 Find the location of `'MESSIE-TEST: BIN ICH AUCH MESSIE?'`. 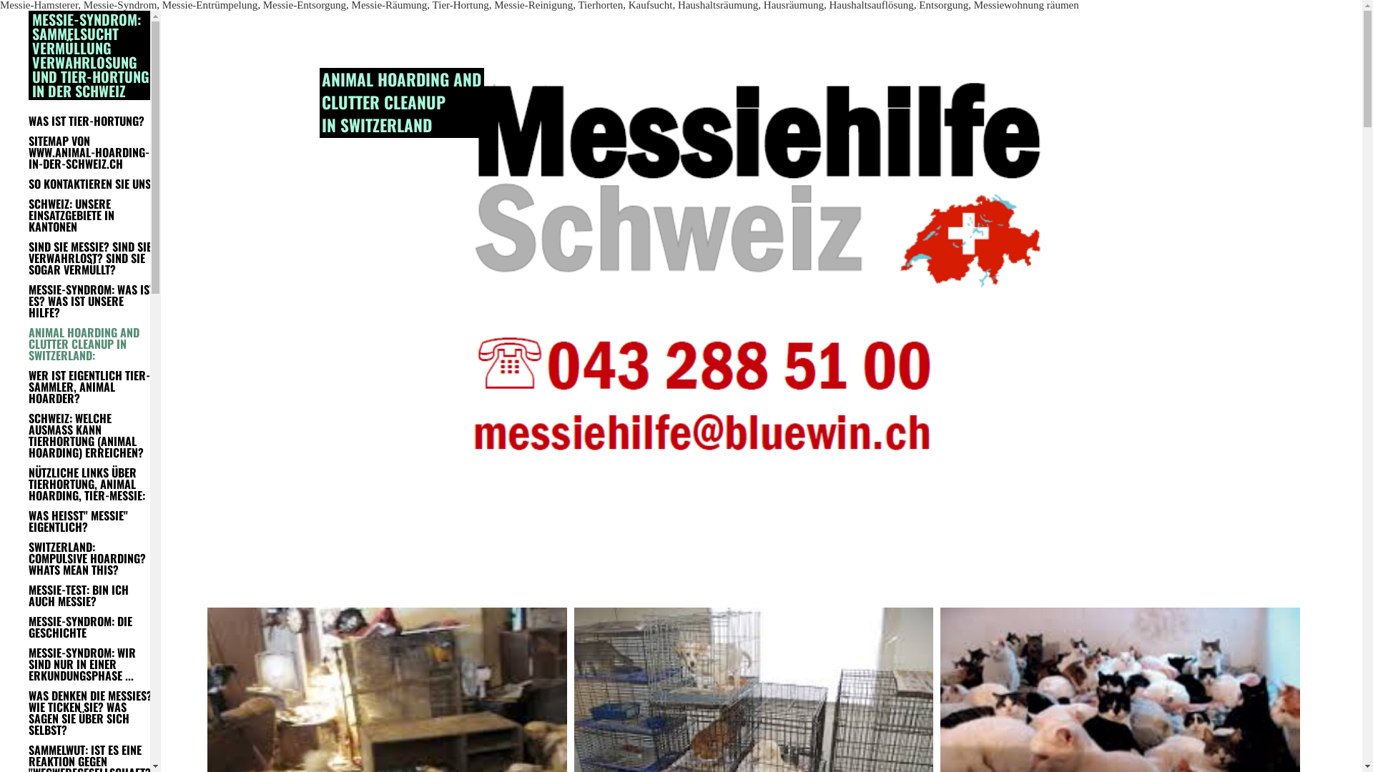

'MESSIE-TEST: BIN ICH AUCH MESSIE?' is located at coordinates (91, 595).